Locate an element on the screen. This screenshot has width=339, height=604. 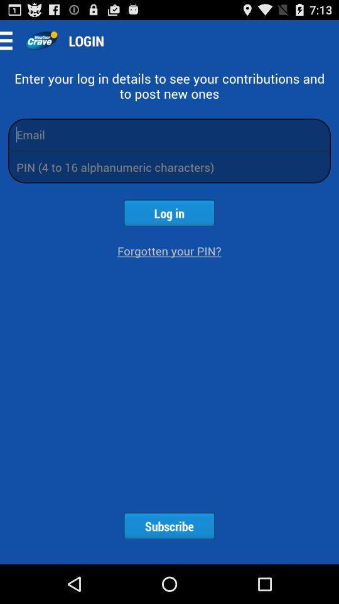
menu is located at coordinates (9, 40).